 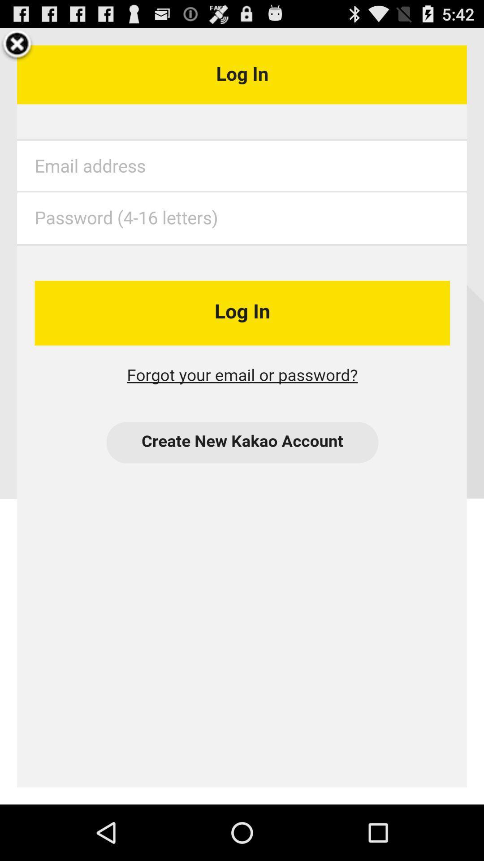 I want to click on tab, so click(x=17, y=45).